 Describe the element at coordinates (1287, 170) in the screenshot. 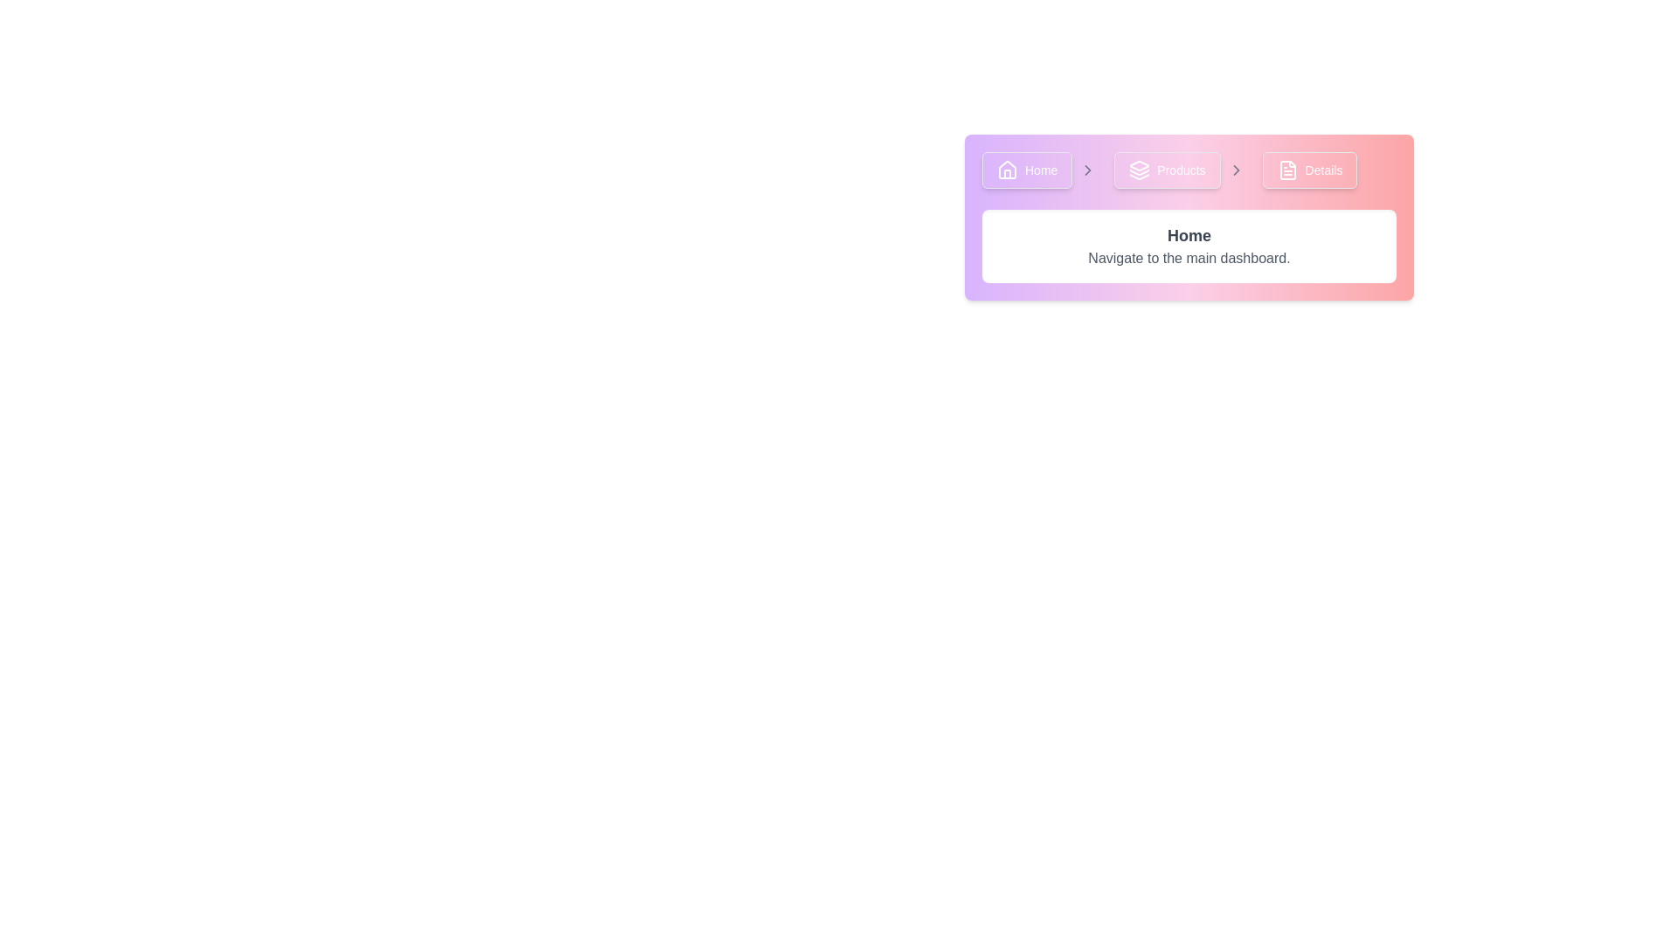

I see `the Graphical Icon that enhances the 'Details' button on the far right of the navigation bar` at that location.